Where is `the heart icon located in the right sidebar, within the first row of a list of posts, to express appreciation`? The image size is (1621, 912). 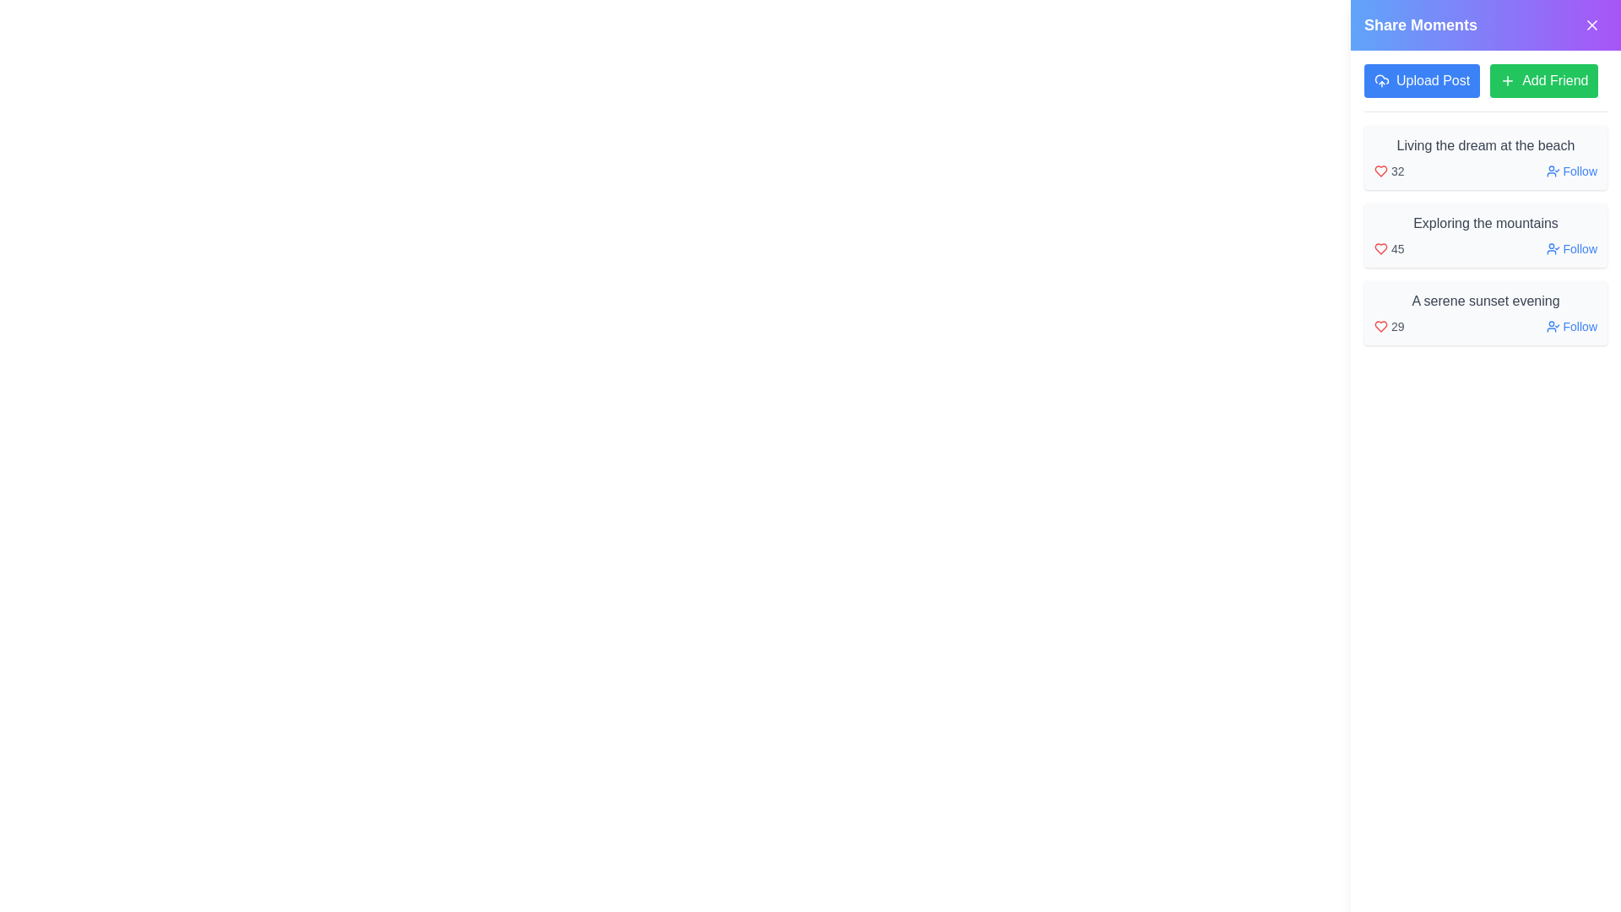 the heart icon located in the right sidebar, within the first row of a list of posts, to express appreciation is located at coordinates (1381, 171).